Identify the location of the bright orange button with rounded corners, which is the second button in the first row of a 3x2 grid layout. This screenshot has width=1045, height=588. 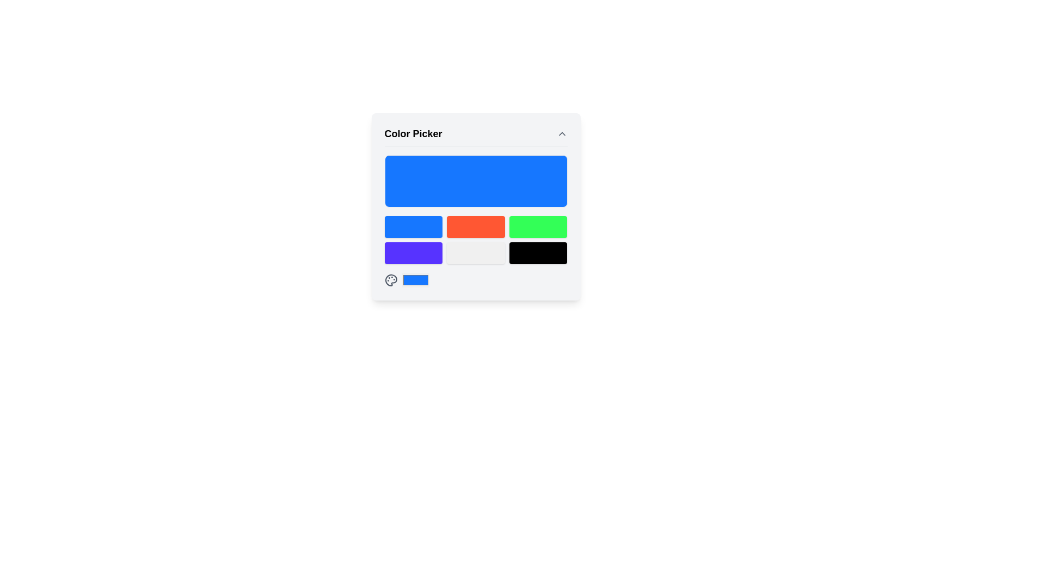
(476, 226).